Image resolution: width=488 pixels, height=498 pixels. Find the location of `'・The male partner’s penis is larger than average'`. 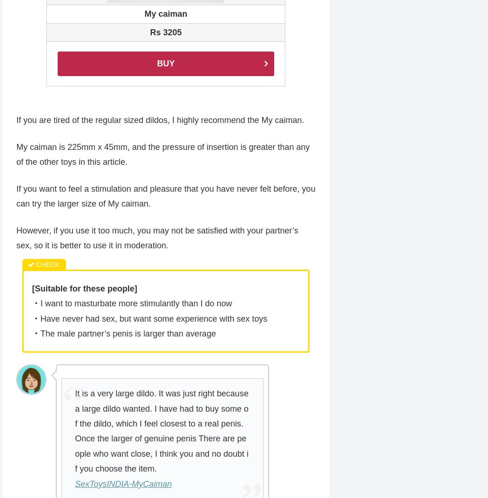

'・The male partner’s penis is larger than average' is located at coordinates (123, 334).